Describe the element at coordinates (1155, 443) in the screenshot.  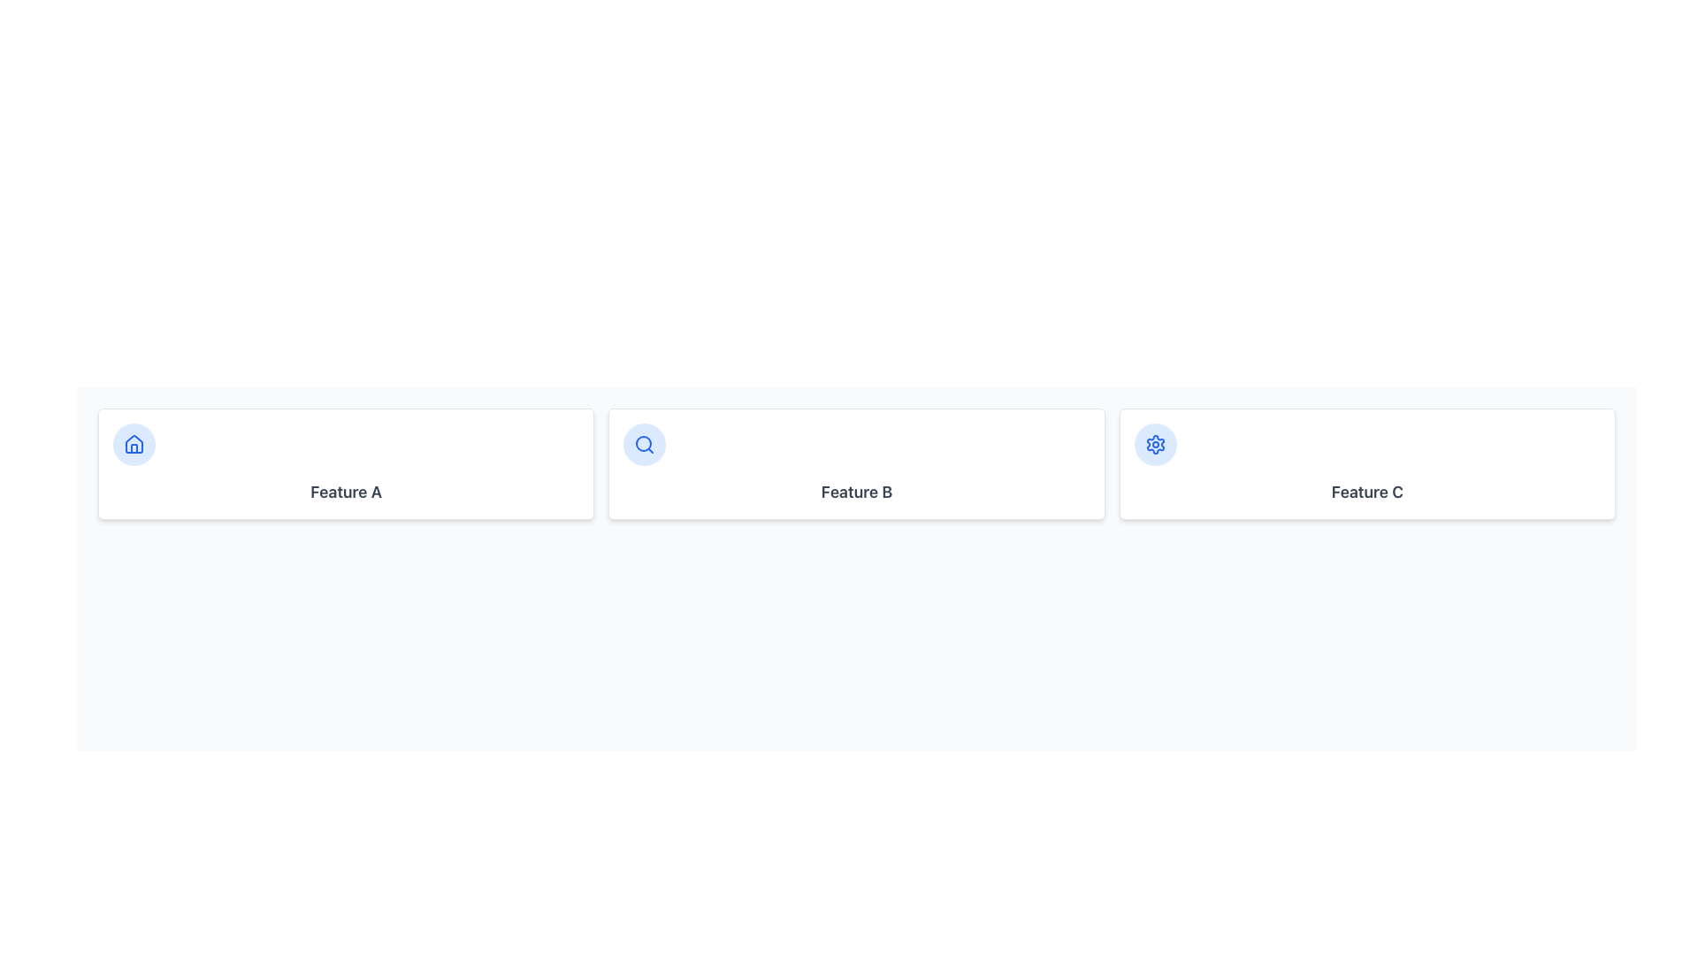
I see `the settings icon located at the top-left corner inside the card labeled 'Feature C', which is the rightmost card in a group of three horizontal cards` at that location.